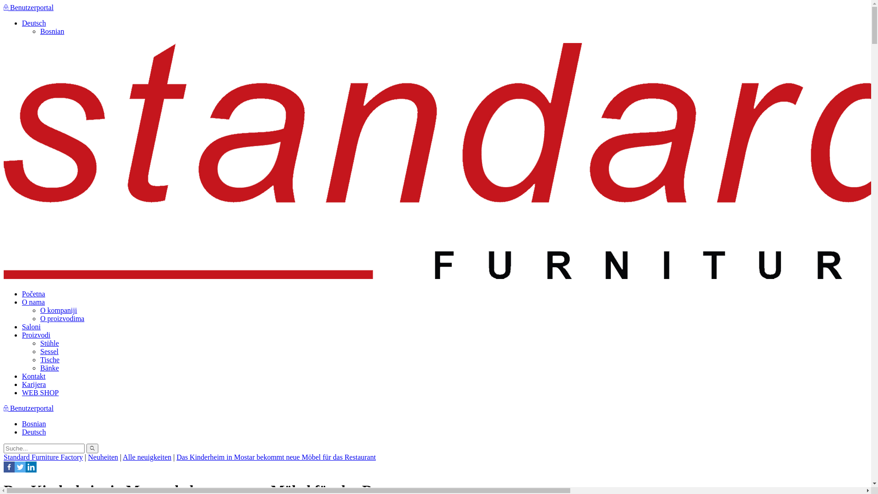 Image resolution: width=878 pixels, height=494 pixels. What do you see at coordinates (33, 22) in the screenshot?
I see `'Deutsch'` at bounding box center [33, 22].